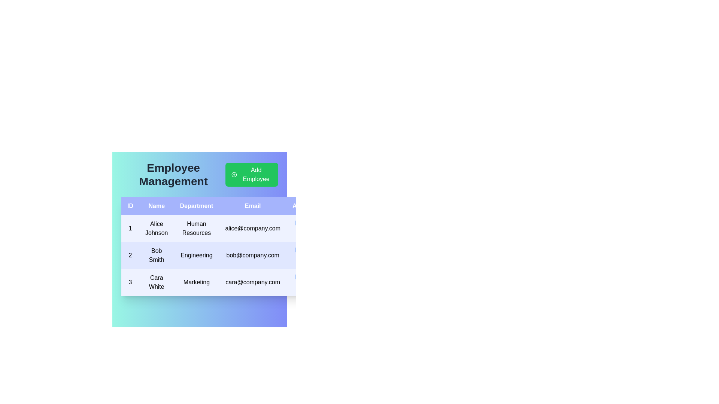 This screenshot has height=404, width=719. I want to click on the Table Header Cell element labeled 'Name', which is the second column header in the table, with a light blue background and white text, so click(156, 206).